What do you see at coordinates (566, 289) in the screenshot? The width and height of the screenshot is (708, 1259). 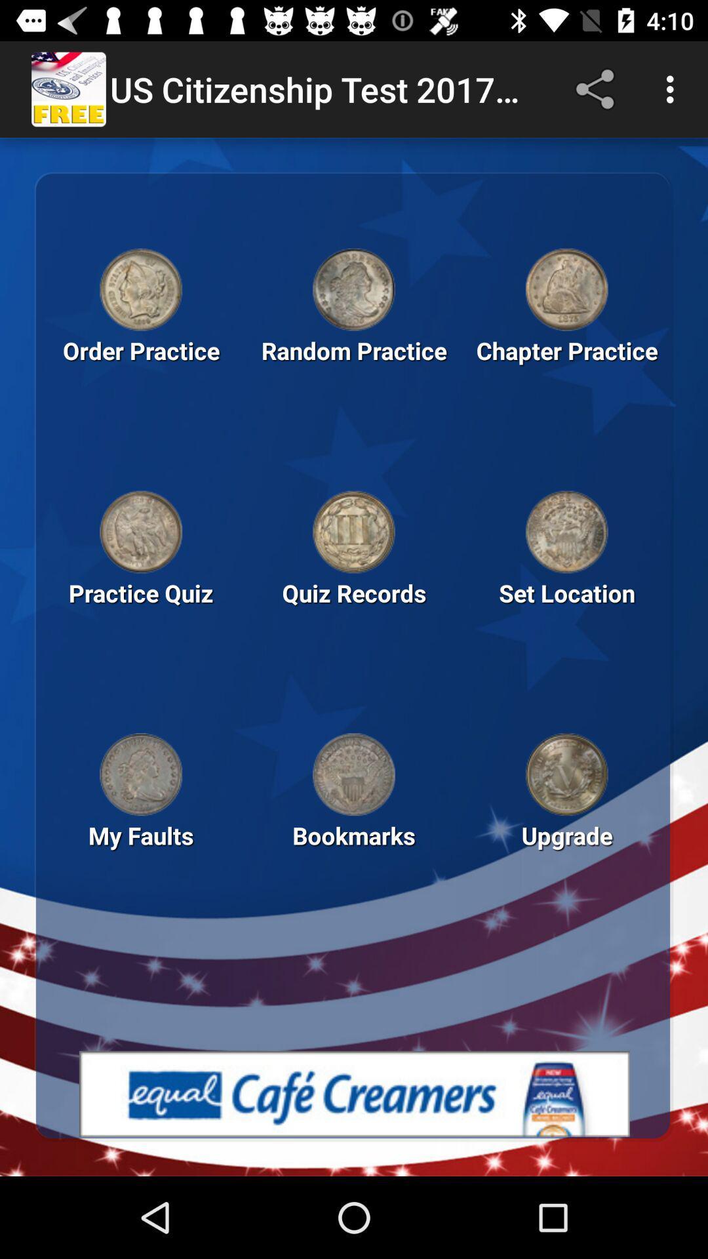 I see `the avatar icon` at bounding box center [566, 289].